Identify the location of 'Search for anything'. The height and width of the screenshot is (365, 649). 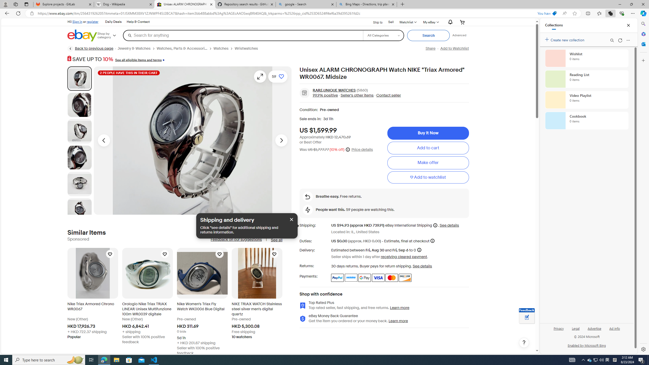
(243, 35).